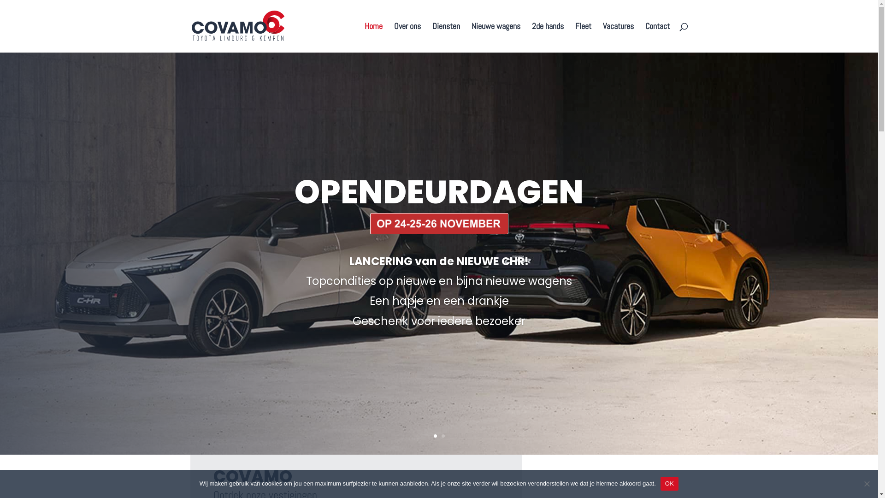 Image resolution: width=885 pixels, height=498 pixels. Describe the element at coordinates (394, 37) in the screenshot. I see `'Over ons'` at that location.